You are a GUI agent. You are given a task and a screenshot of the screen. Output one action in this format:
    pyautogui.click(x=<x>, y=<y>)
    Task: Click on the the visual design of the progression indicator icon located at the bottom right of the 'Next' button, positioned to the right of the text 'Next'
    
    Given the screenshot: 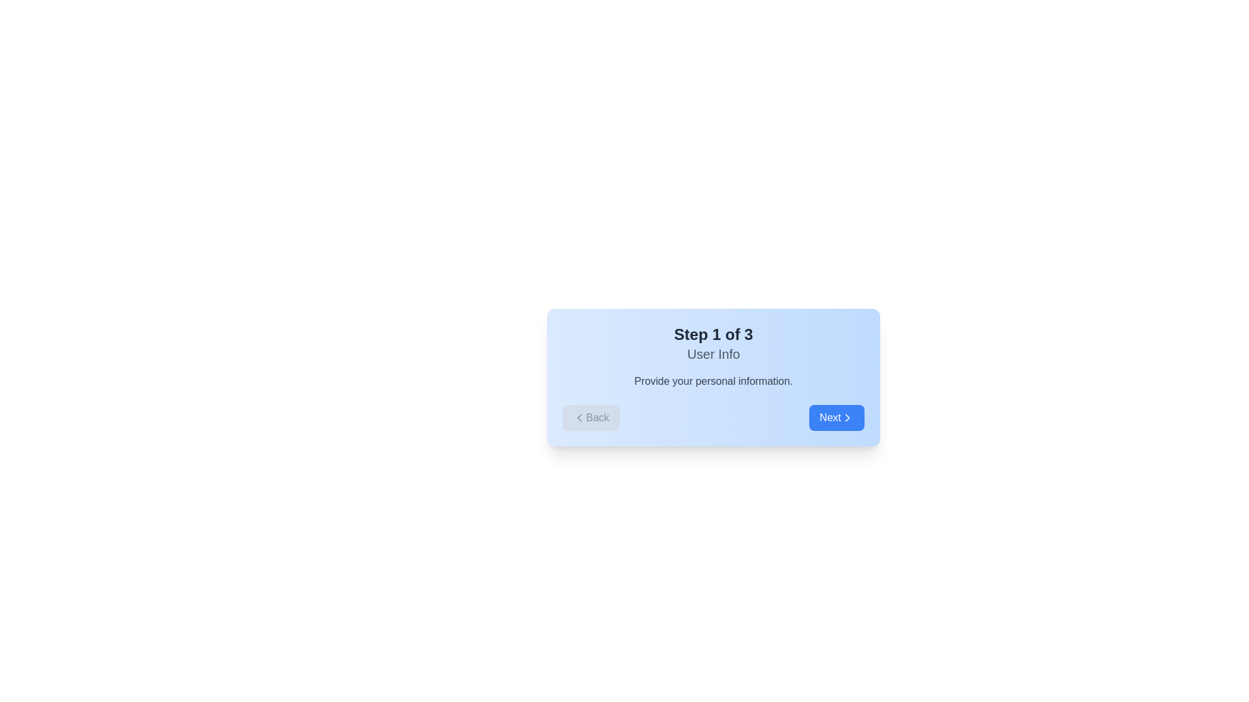 What is the action you would take?
    pyautogui.click(x=847, y=418)
    